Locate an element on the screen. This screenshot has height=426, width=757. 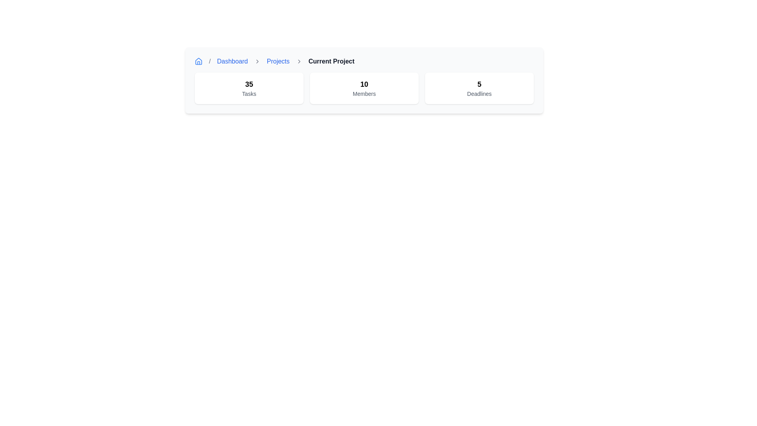
the small right-pointing gray arrow icon in the breadcrumb navigation bar, which is positioned between the 'Dashboard' and 'Projects' links is located at coordinates (257, 61).